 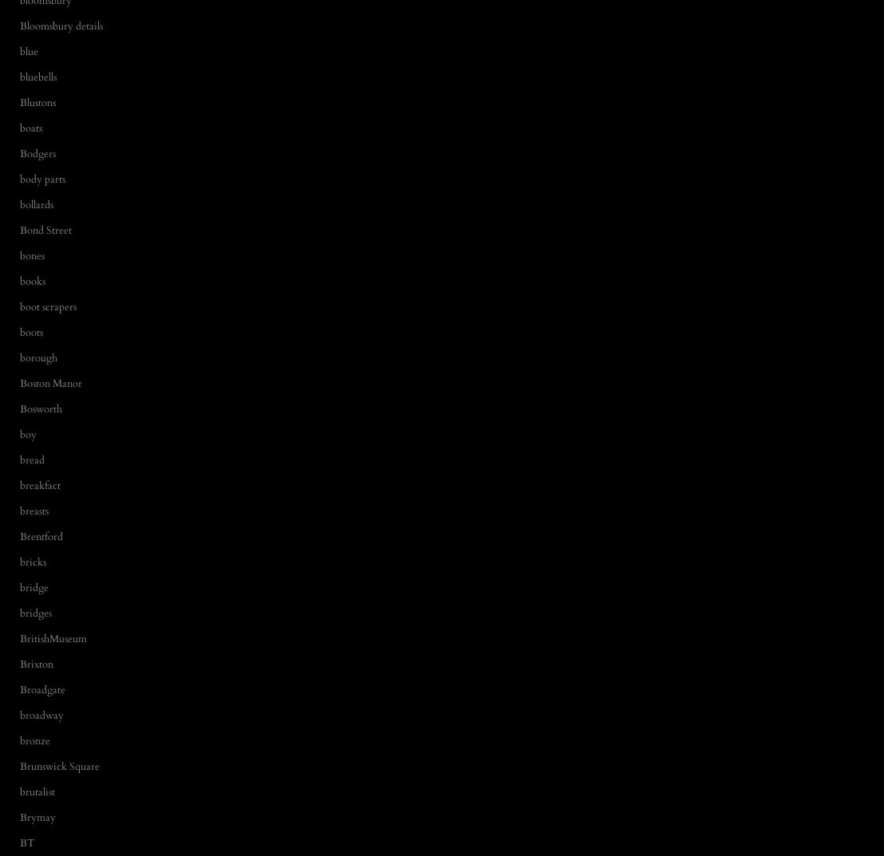 I want to click on 'Bloomsbury details', so click(x=61, y=24).